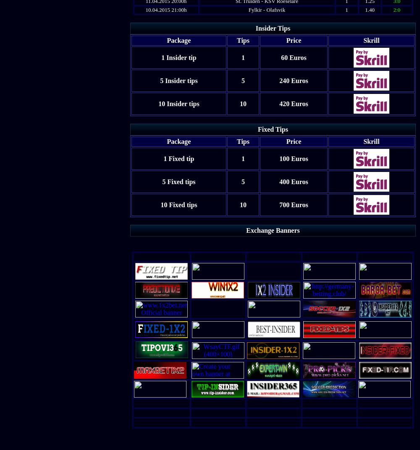 The width and height of the screenshot is (420, 450). Describe the element at coordinates (178, 181) in the screenshot. I see `'5 Fixed tips'` at that location.